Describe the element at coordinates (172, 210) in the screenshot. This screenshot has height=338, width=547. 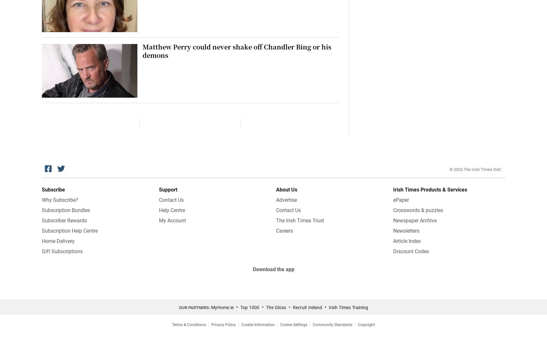
I see `'Help Centre'` at that location.